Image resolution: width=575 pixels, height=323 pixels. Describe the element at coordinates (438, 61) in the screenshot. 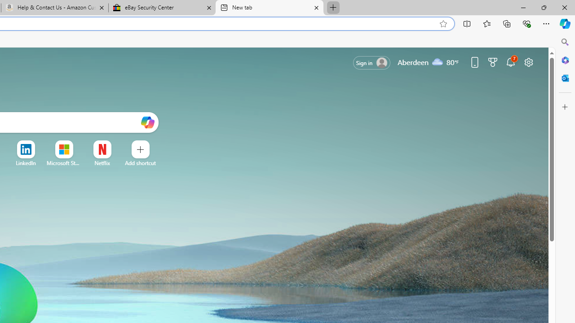

I see `'Cloudy'` at that location.